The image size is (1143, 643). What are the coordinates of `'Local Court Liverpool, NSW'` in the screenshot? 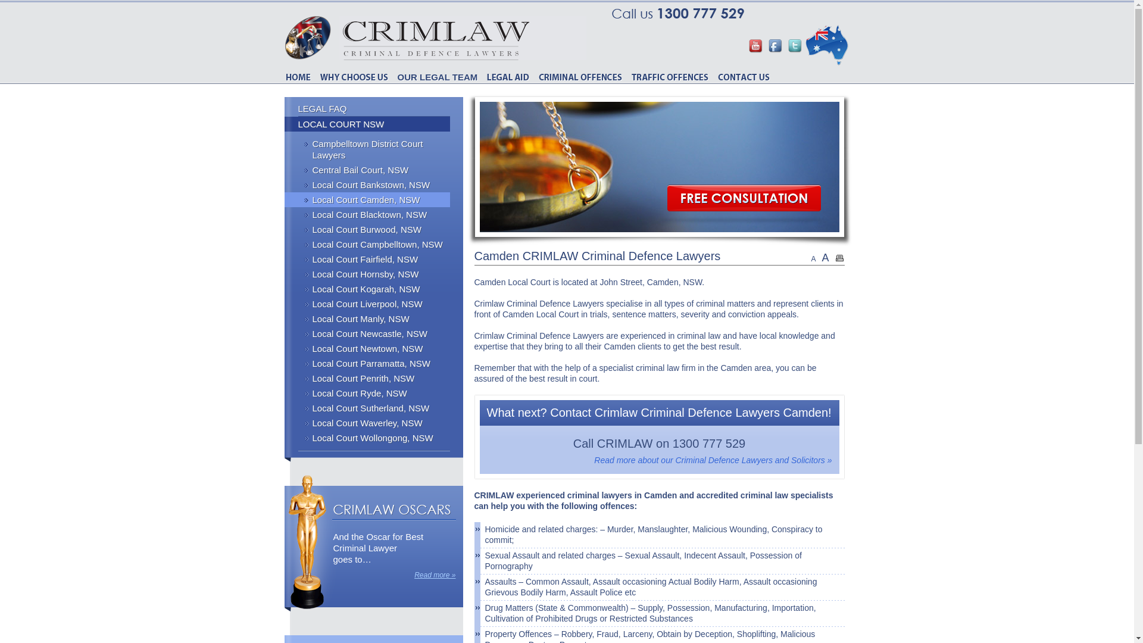 It's located at (367, 303).